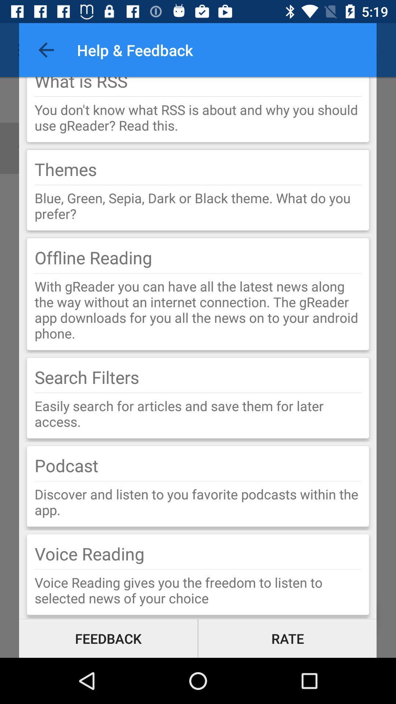 The width and height of the screenshot is (396, 704). What do you see at coordinates (198, 414) in the screenshot?
I see `easily search for item` at bounding box center [198, 414].